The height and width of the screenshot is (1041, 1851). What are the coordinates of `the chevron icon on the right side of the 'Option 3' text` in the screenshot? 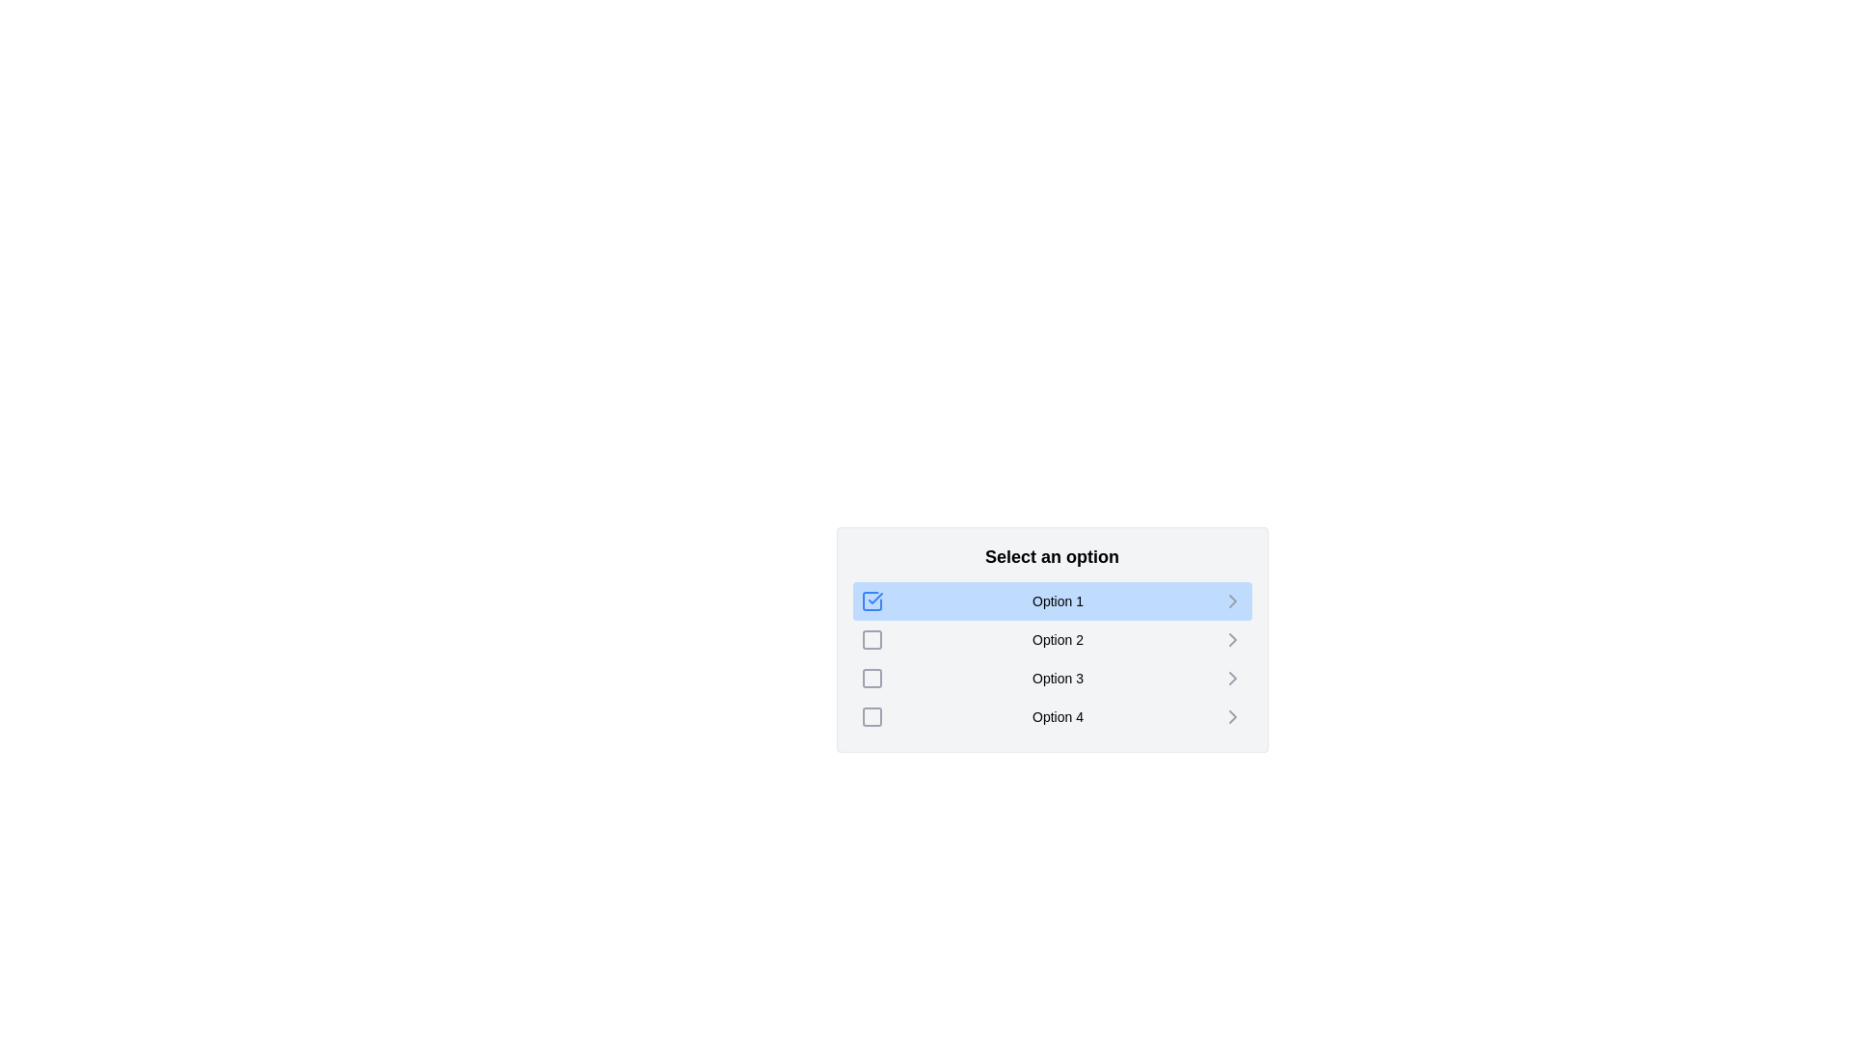 It's located at (1231, 678).